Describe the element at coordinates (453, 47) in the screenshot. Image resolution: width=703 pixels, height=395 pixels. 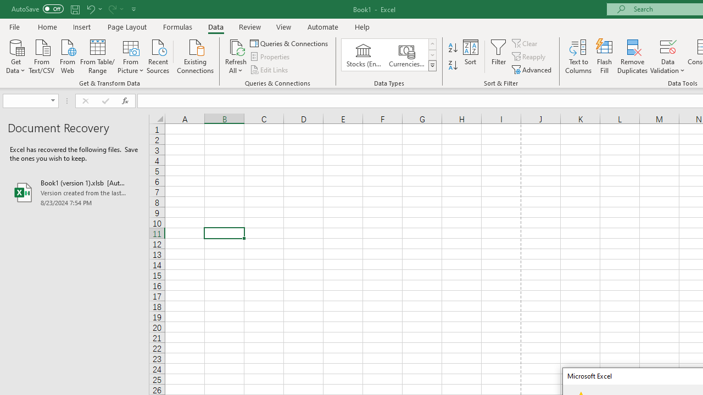
I see `'Sort A to Z'` at that location.